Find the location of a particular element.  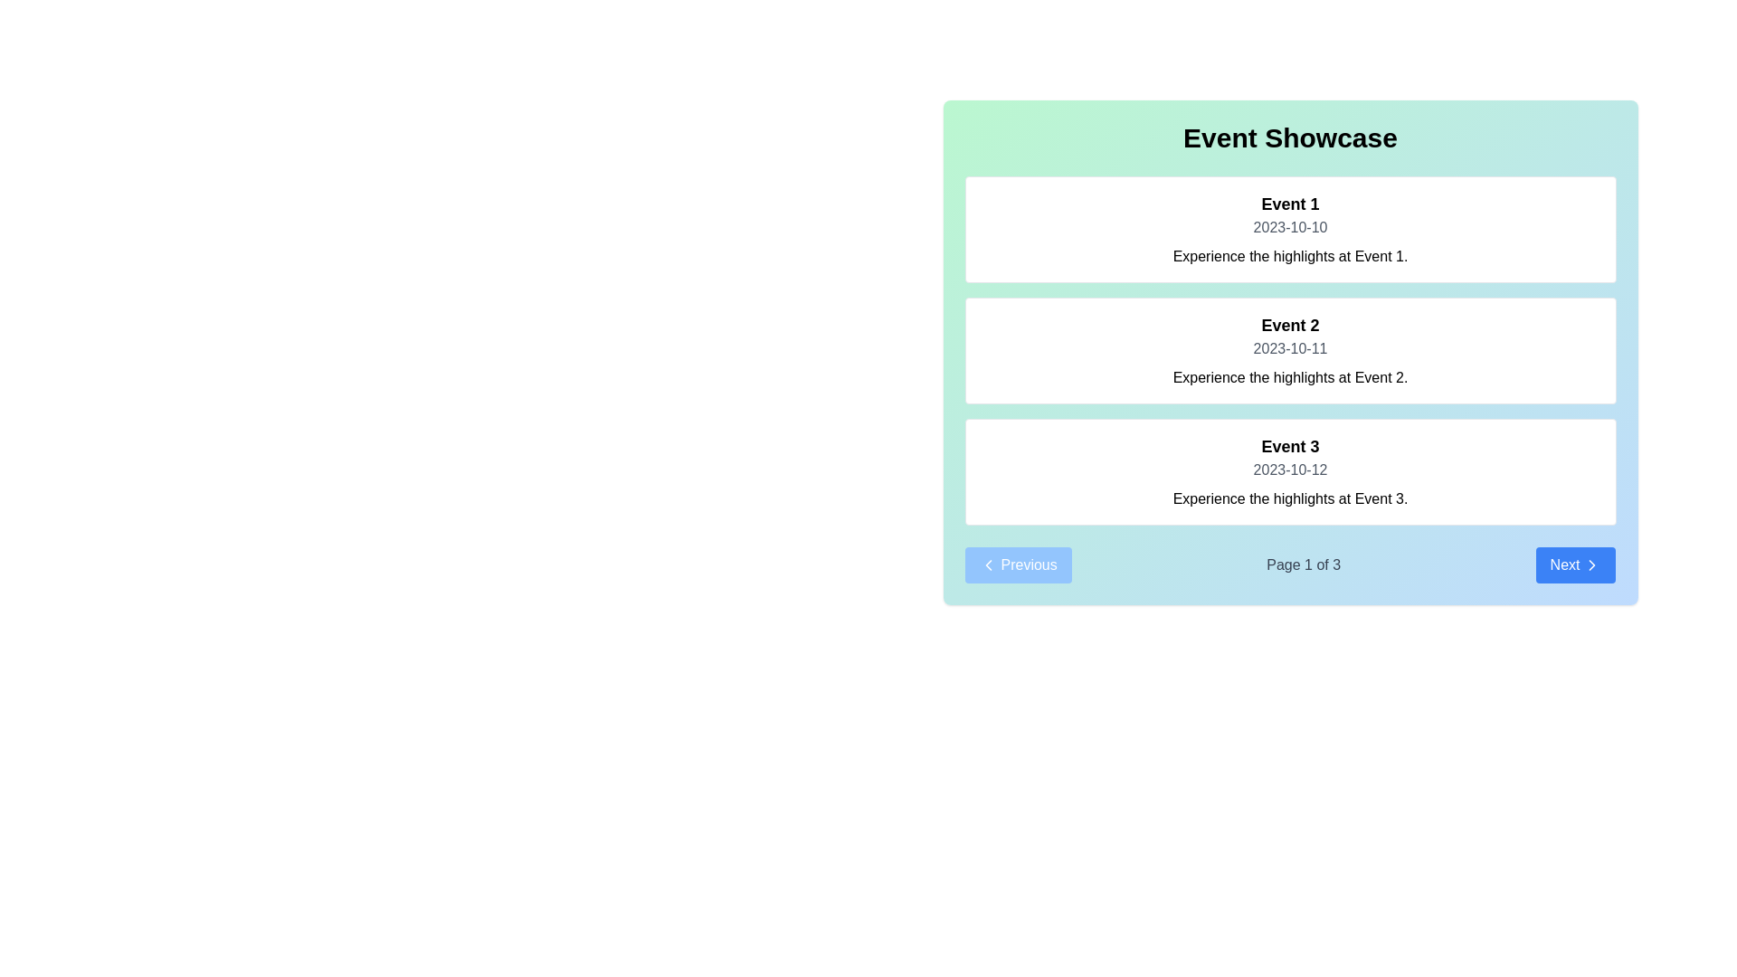

the 'Next' icon located inside the button at the bottom-right area of the interface to initiate navigation to the next page is located at coordinates (1592, 564).